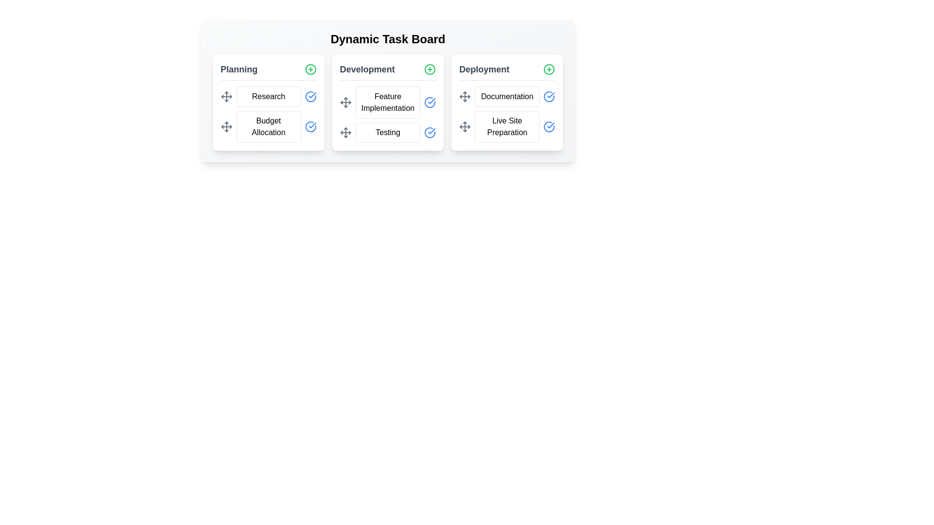  Describe the element at coordinates (430, 69) in the screenshot. I see `'+' button for the Development category to add a new task` at that location.